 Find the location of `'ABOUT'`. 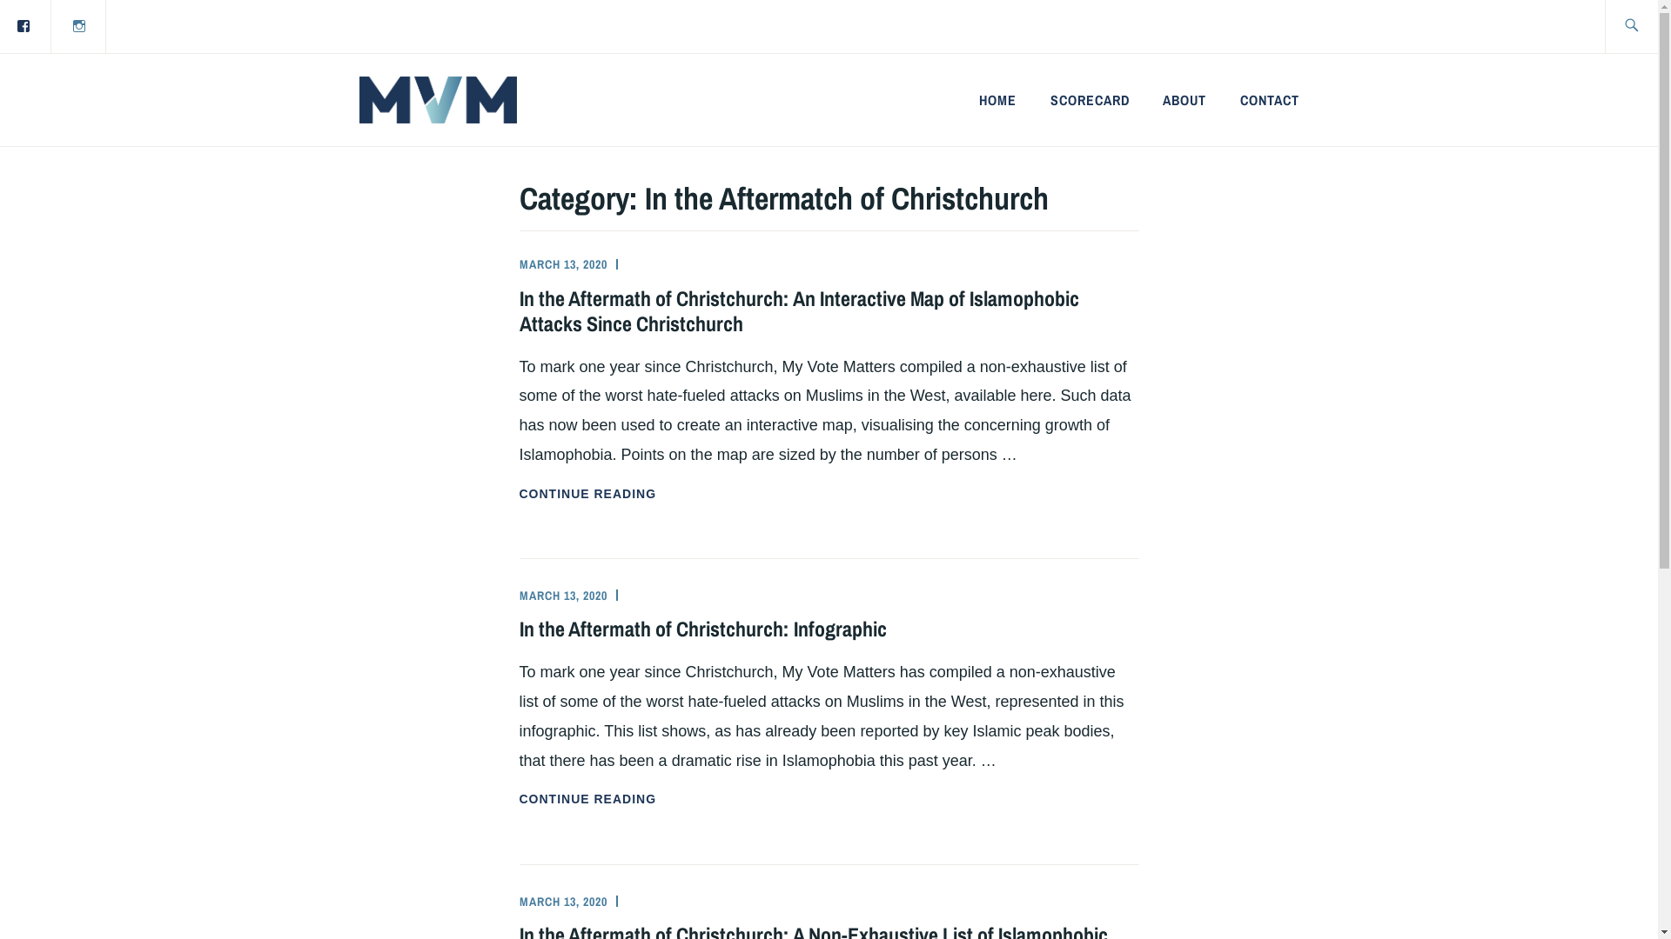

'ABOUT' is located at coordinates (1184, 100).